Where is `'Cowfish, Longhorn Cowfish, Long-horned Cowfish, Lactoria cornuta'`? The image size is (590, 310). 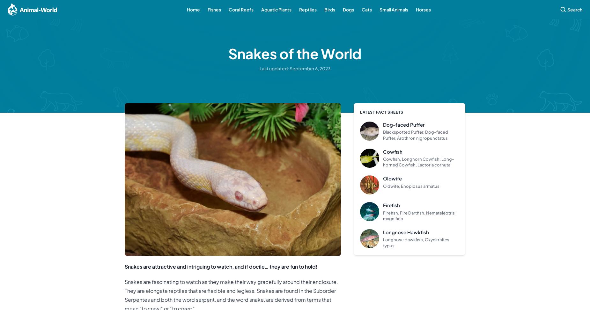 'Cowfish, Longhorn Cowfish, Long-horned Cowfish, Lactoria cornuta' is located at coordinates (418, 162).